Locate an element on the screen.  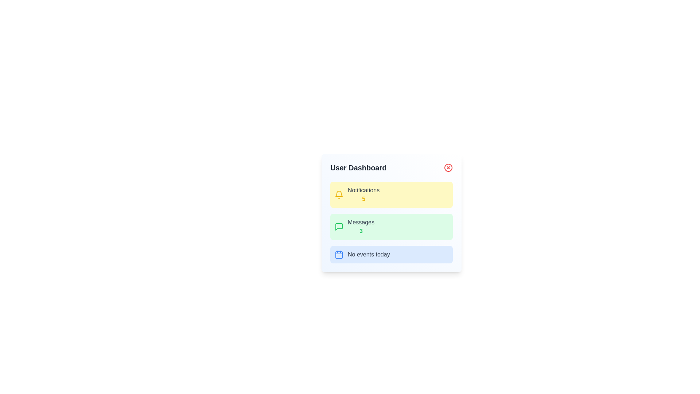
the SVG Circle Component, which serves as a decorative boundary for the close icon located at the top-right corner of the User Dashboard interface card is located at coordinates (448, 167).